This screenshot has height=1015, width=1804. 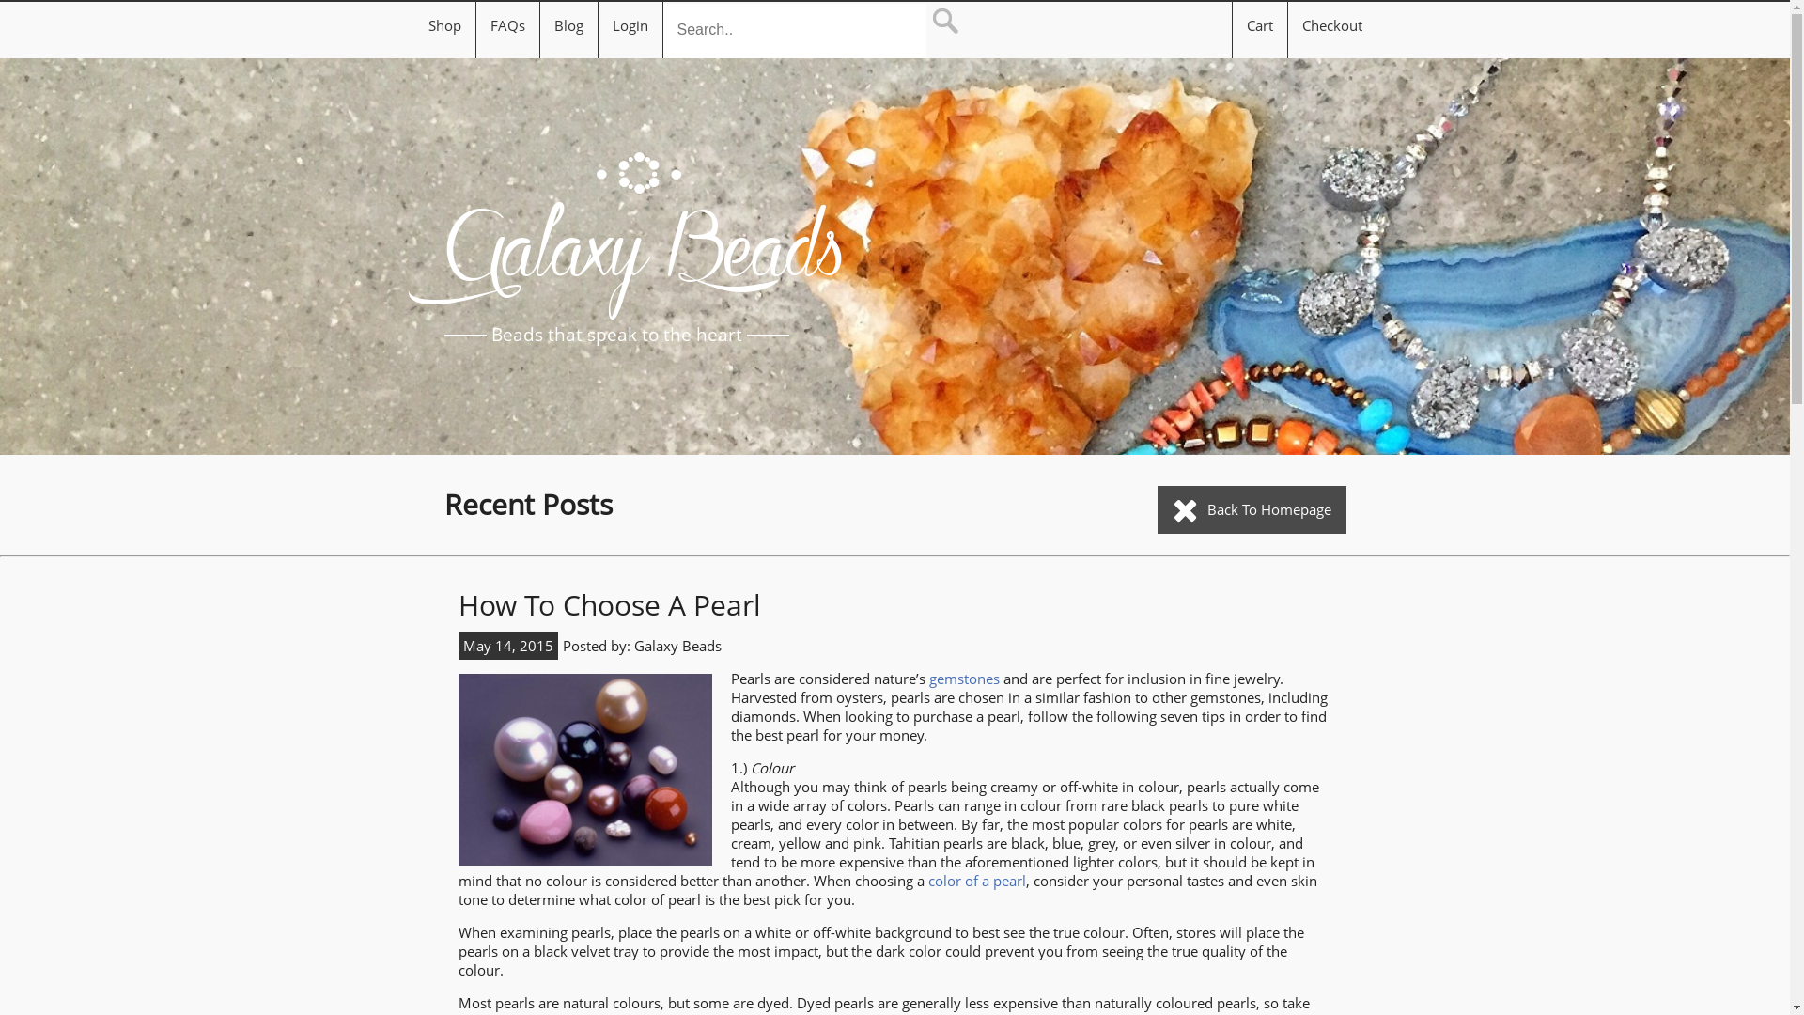 I want to click on 'Back To Homepage', so click(x=1252, y=509).